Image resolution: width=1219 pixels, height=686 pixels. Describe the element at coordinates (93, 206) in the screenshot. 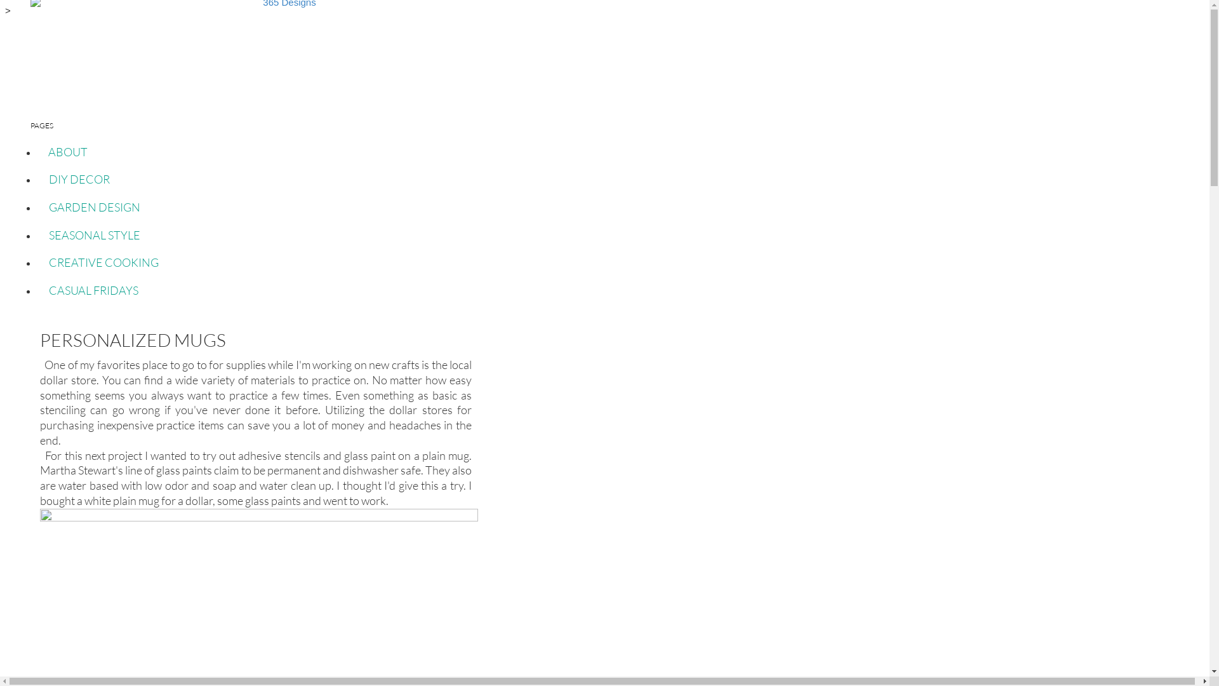

I see `'GARDEN DESIGN'` at that location.